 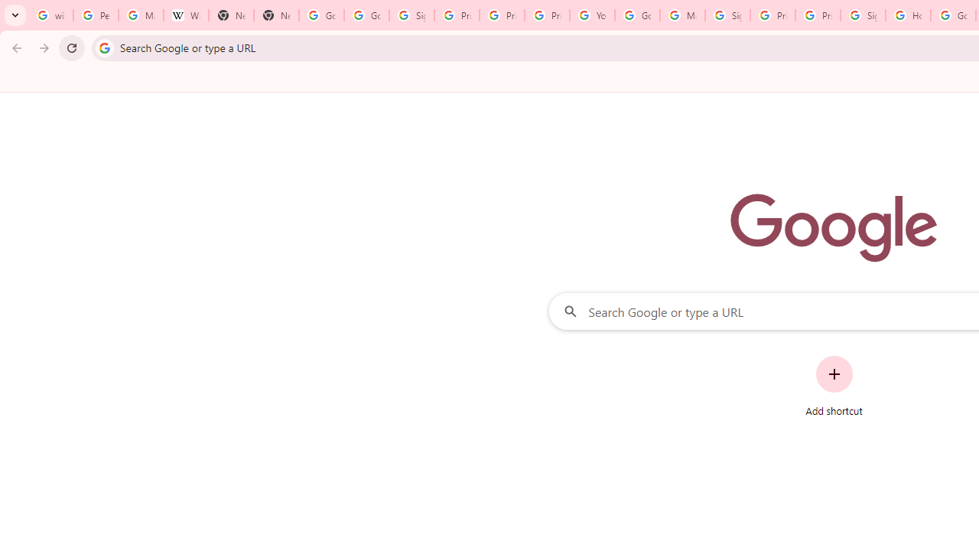 What do you see at coordinates (863, 15) in the screenshot?
I see `'Sign in - Google Accounts'` at bounding box center [863, 15].